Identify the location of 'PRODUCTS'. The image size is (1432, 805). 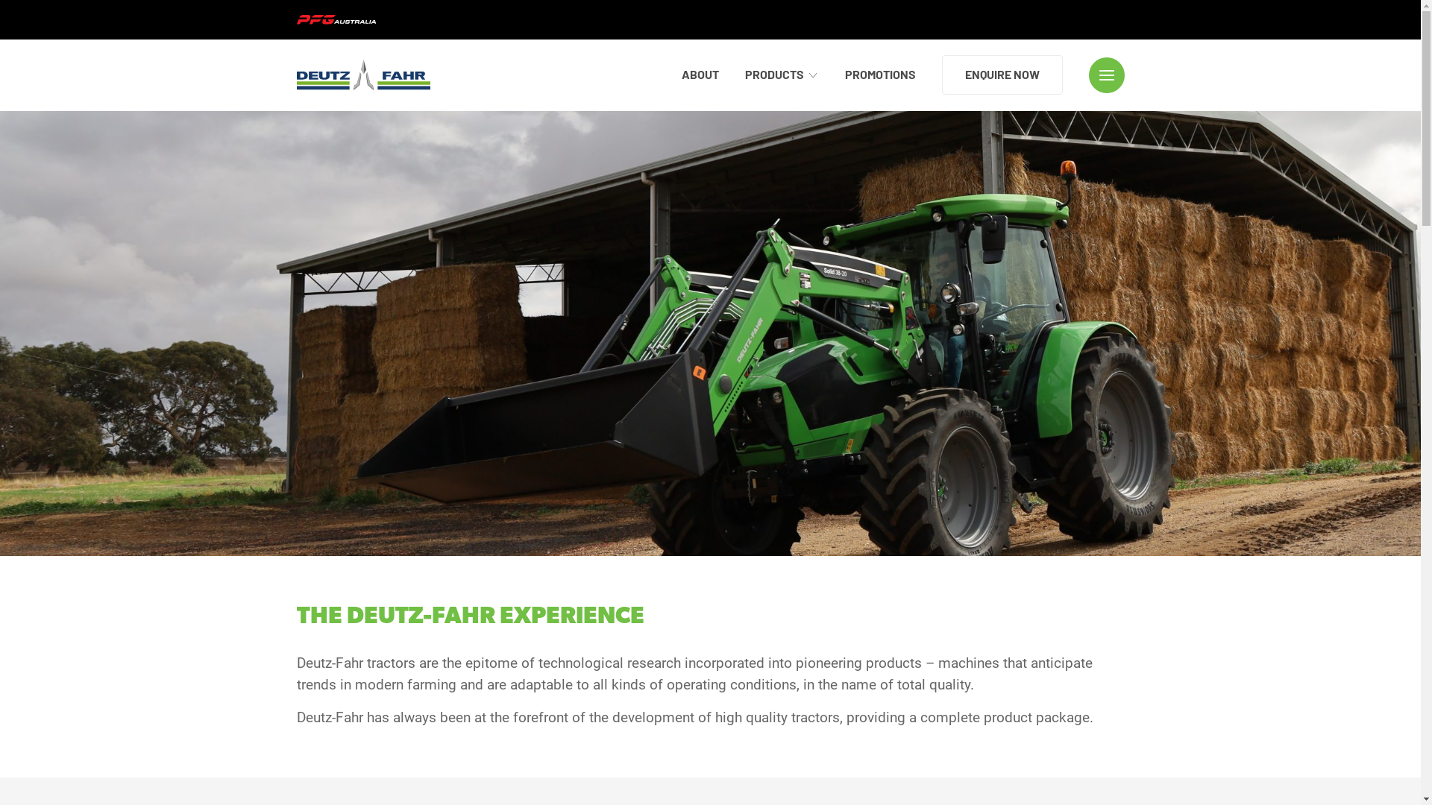
(780, 75).